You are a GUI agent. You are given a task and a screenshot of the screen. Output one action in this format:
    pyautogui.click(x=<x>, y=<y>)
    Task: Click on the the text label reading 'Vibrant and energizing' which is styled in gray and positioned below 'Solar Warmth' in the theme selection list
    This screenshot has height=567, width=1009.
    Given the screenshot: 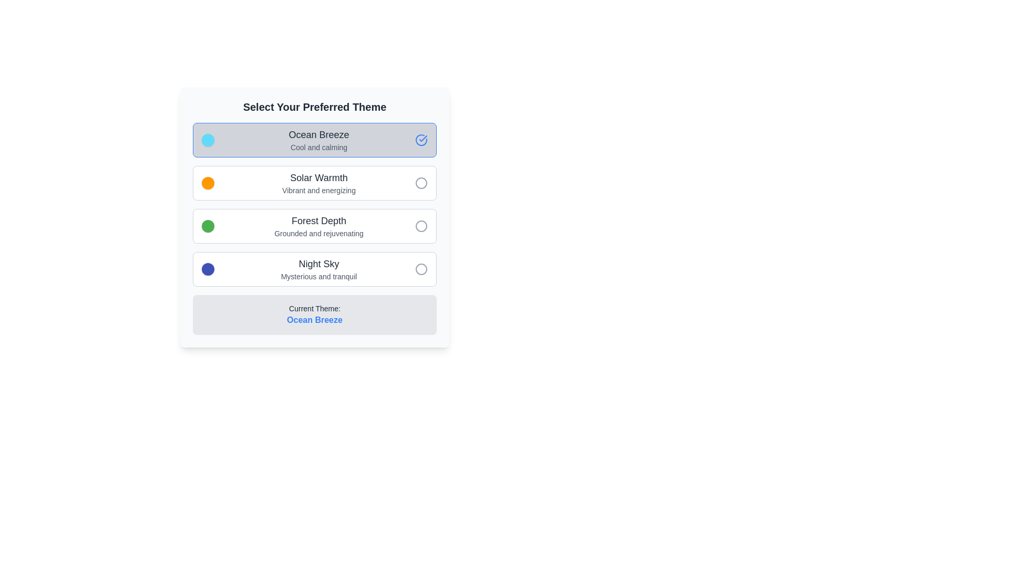 What is the action you would take?
    pyautogui.click(x=318, y=190)
    